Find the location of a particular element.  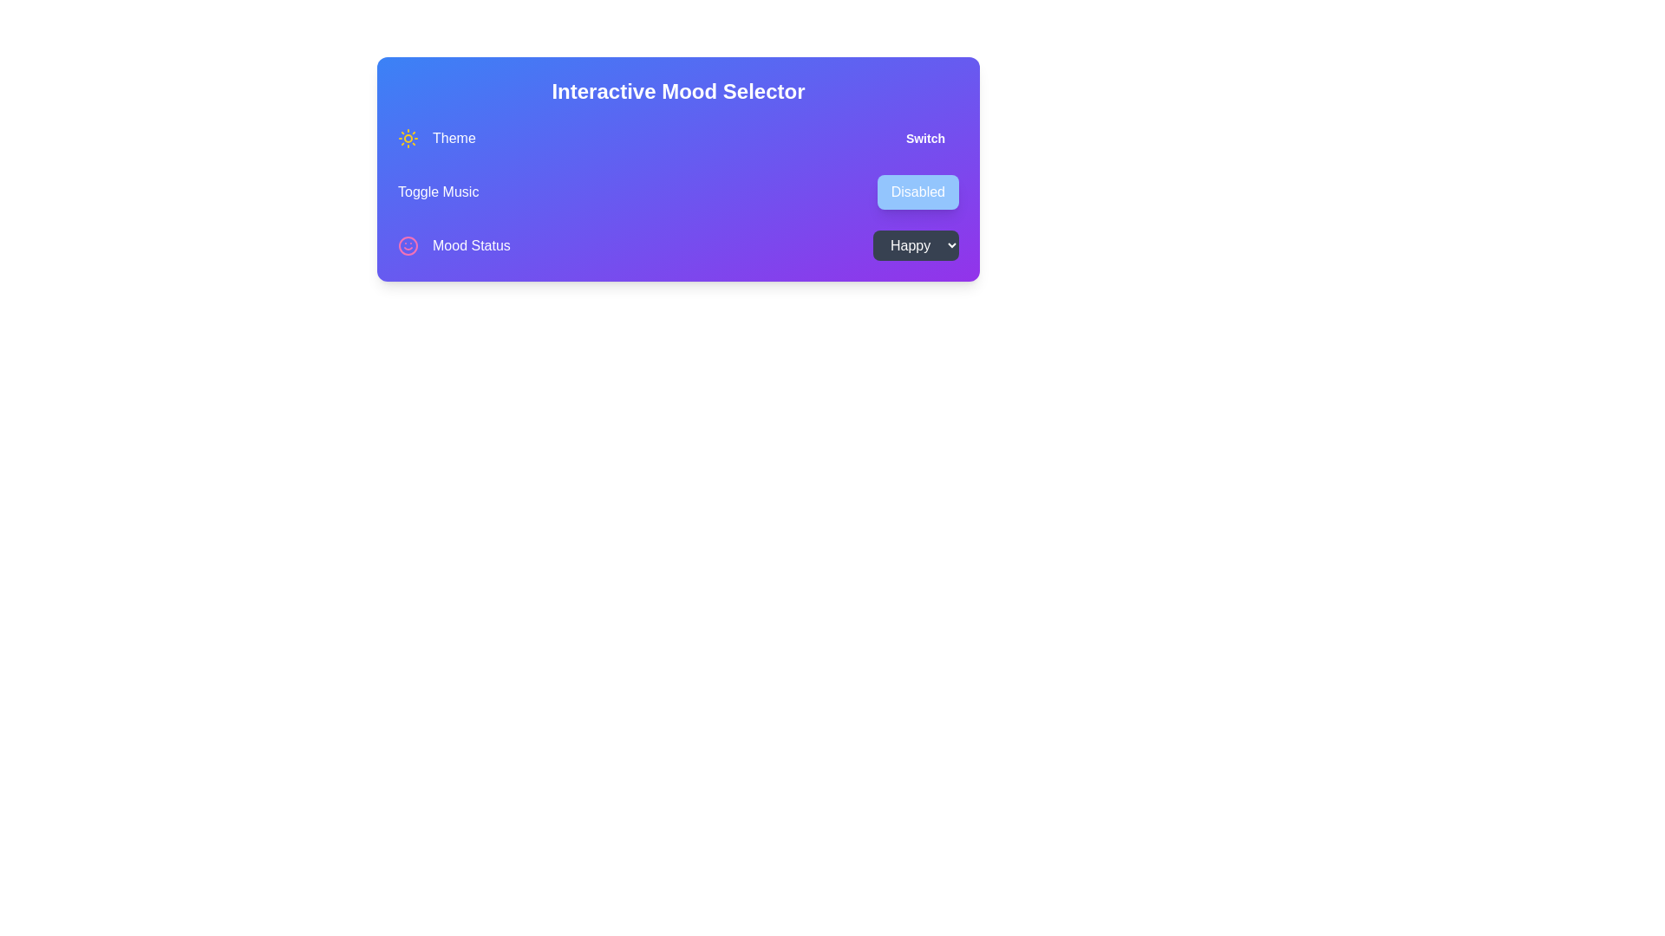

properties of the SVG Circle element that represents the mood status, located within the 'Mood Status' section of the UI is located at coordinates (407, 245).